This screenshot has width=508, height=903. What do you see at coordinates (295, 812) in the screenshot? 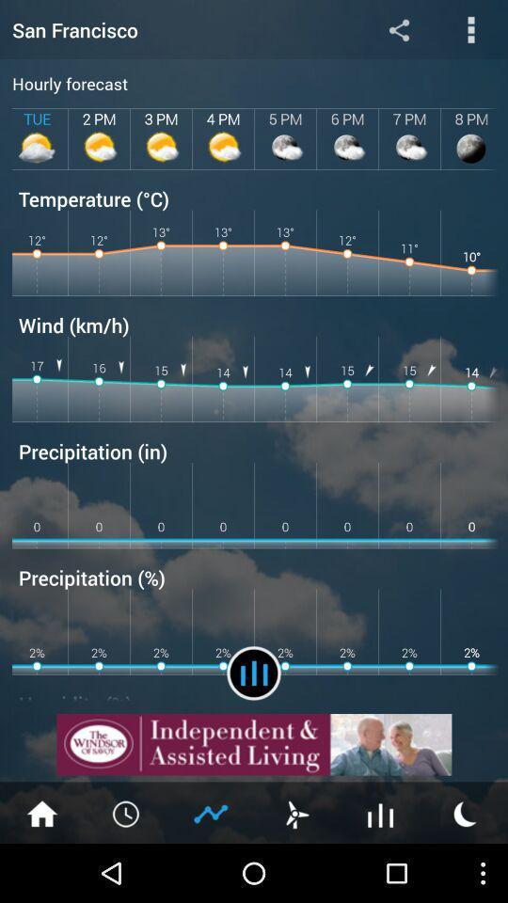
I see `menu button` at bounding box center [295, 812].